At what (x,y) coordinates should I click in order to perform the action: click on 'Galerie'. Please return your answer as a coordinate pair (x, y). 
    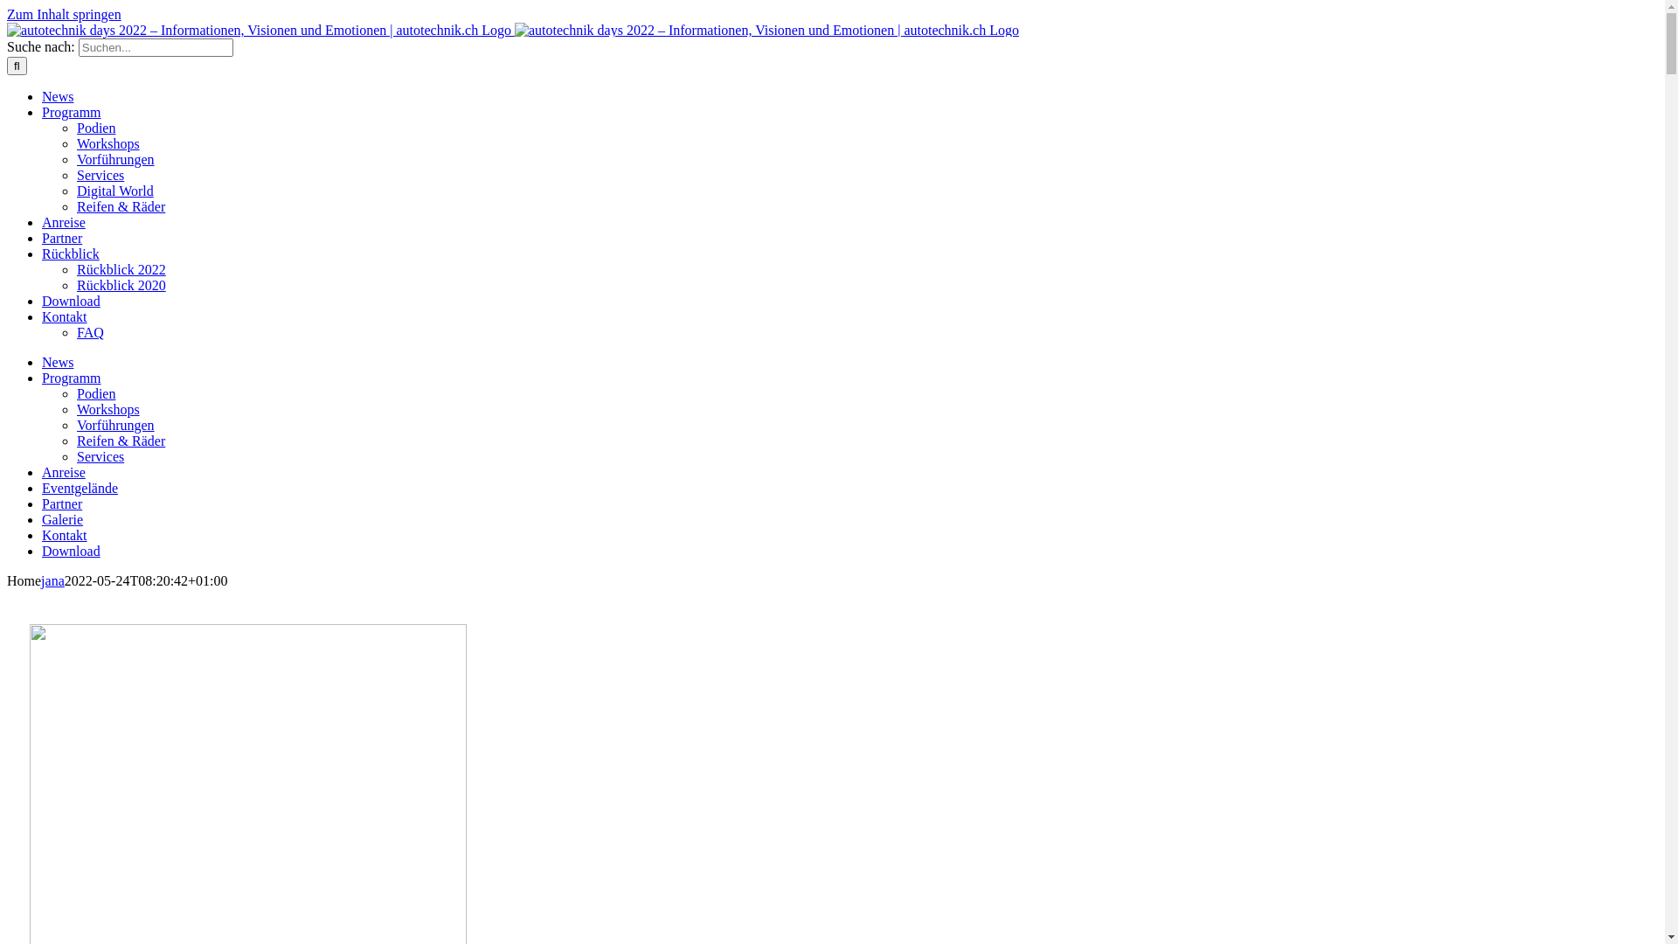
    Looking at the image, I should click on (42, 518).